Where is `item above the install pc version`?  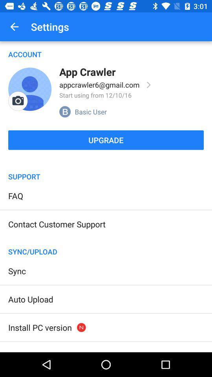 item above the install pc version is located at coordinates (30, 298).